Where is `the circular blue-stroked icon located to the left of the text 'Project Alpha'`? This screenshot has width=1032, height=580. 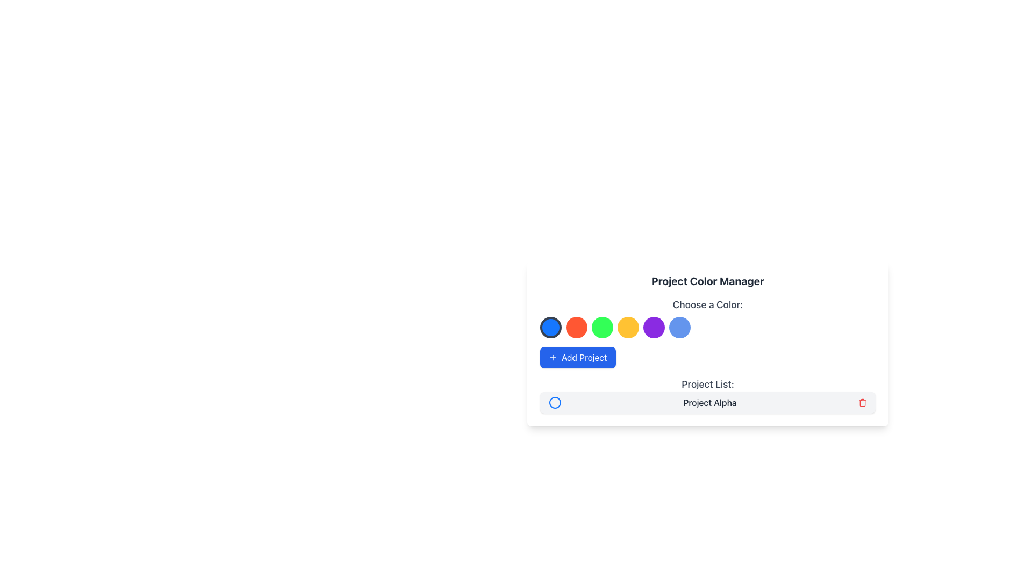
the circular blue-stroked icon located to the left of the text 'Project Alpha' is located at coordinates (555, 402).